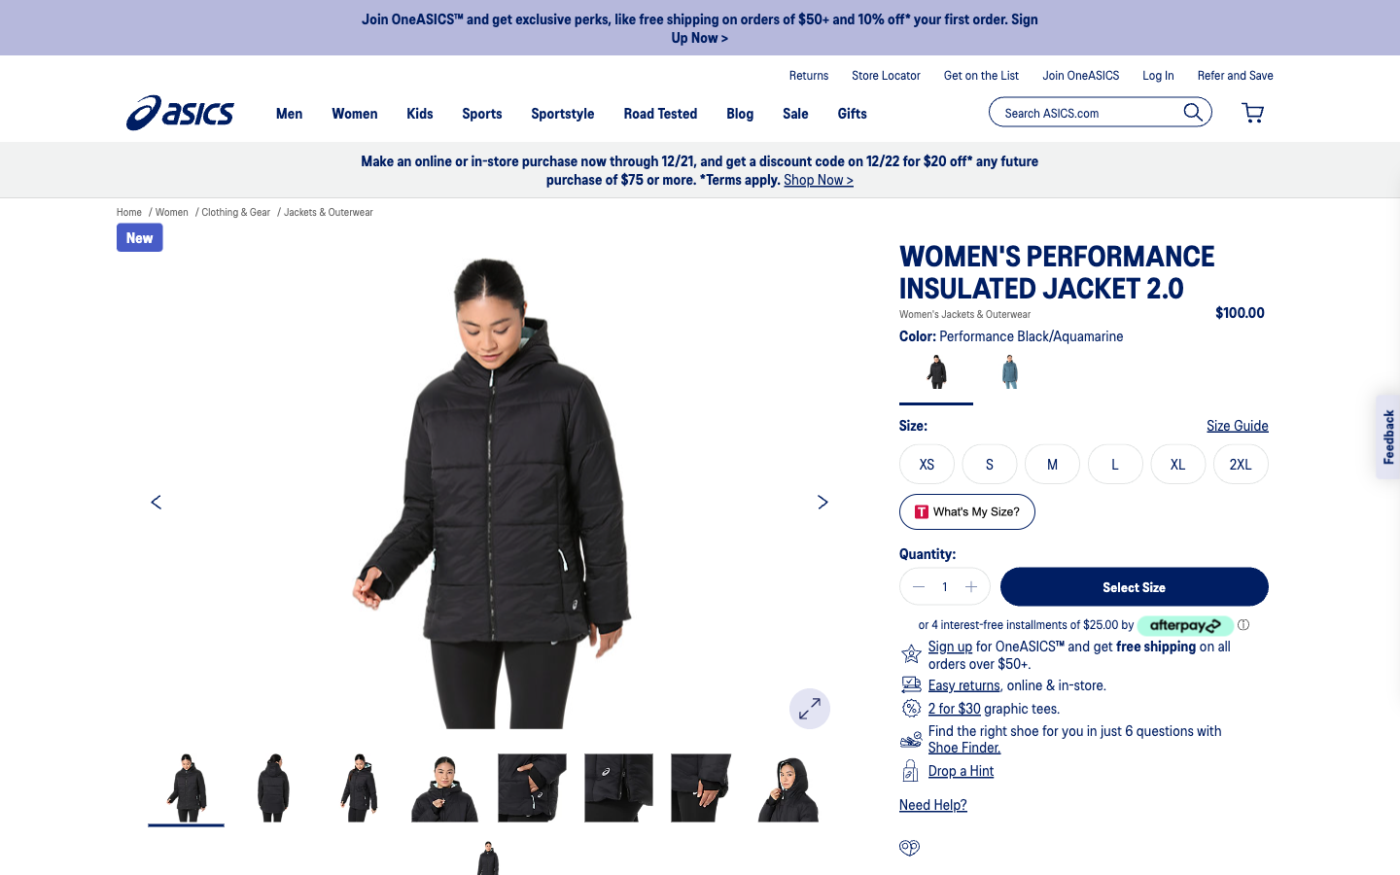 The width and height of the screenshot is (1400, 875). I want to click on Increase the photo size for better visibility of the garments, so click(810, 708).